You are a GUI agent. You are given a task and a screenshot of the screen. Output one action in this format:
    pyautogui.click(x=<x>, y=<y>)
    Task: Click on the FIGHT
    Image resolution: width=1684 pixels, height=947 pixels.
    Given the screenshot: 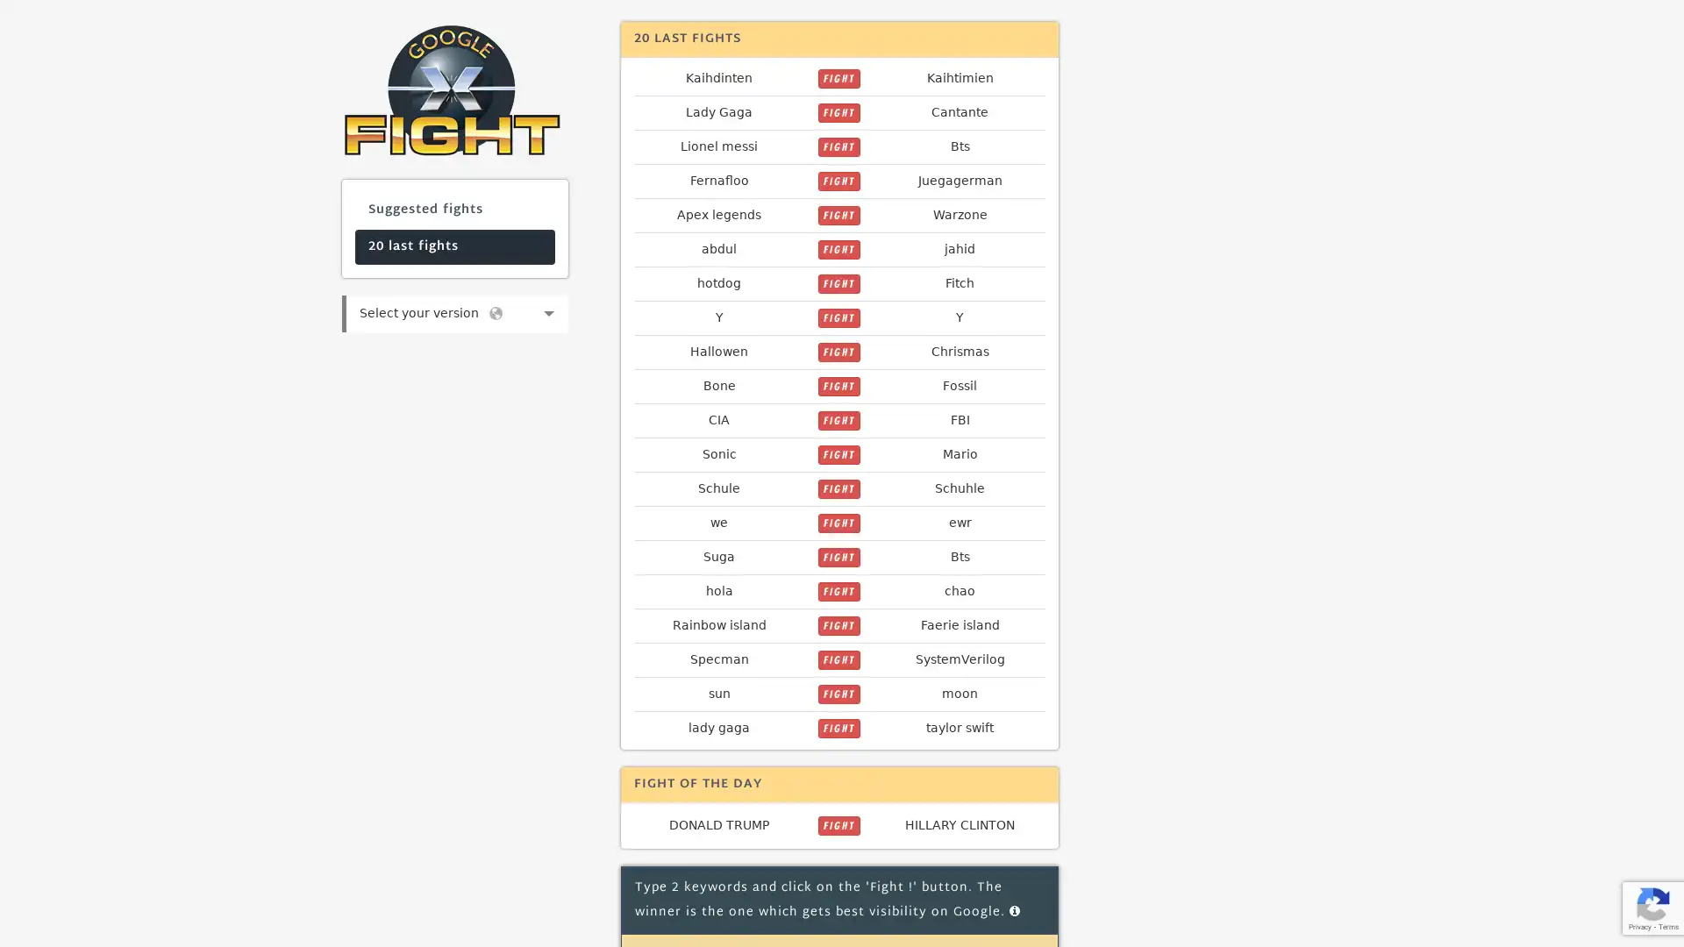 What is the action you would take?
    pyautogui.click(x=838, y=352)
    